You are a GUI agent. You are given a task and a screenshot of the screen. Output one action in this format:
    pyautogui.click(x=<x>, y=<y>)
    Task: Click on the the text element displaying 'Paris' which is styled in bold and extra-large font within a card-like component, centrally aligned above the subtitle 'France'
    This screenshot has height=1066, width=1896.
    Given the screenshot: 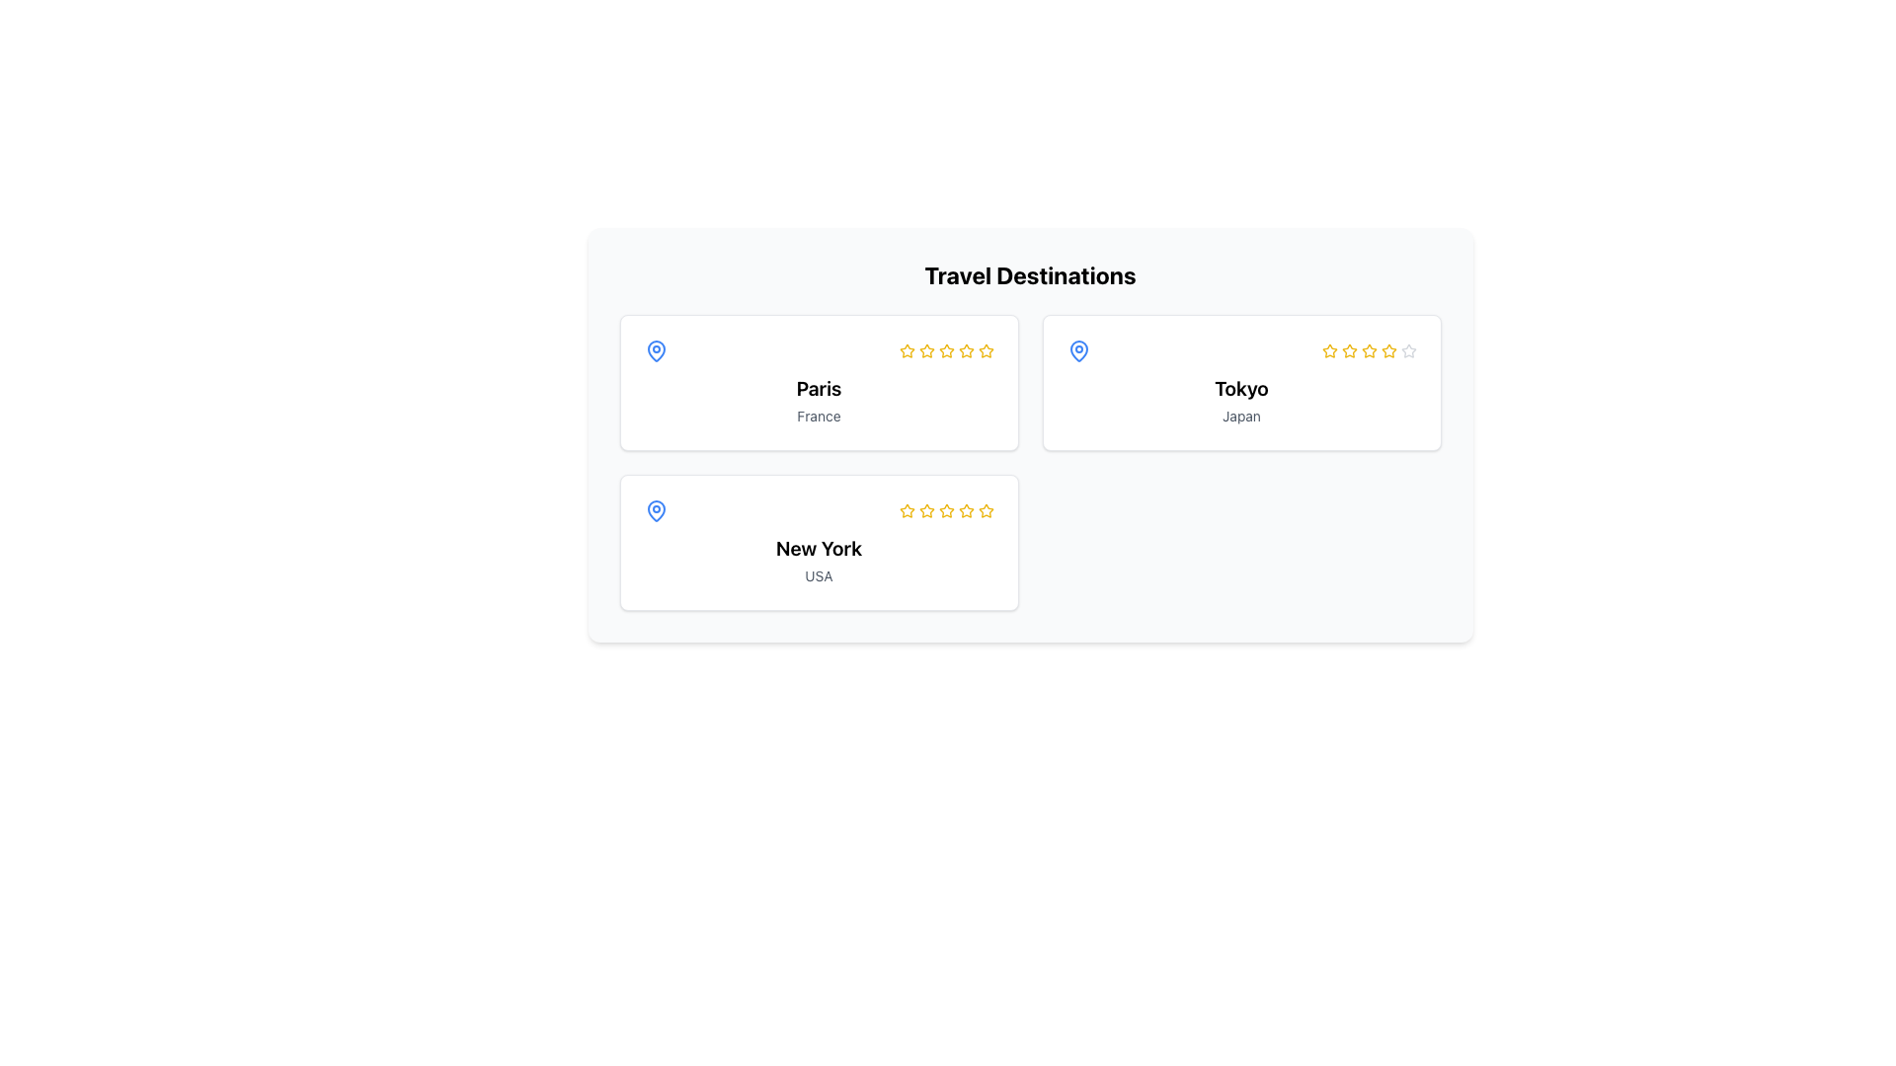 What is the action you would take?
    pyautogui.click(x=819, y=388)
    